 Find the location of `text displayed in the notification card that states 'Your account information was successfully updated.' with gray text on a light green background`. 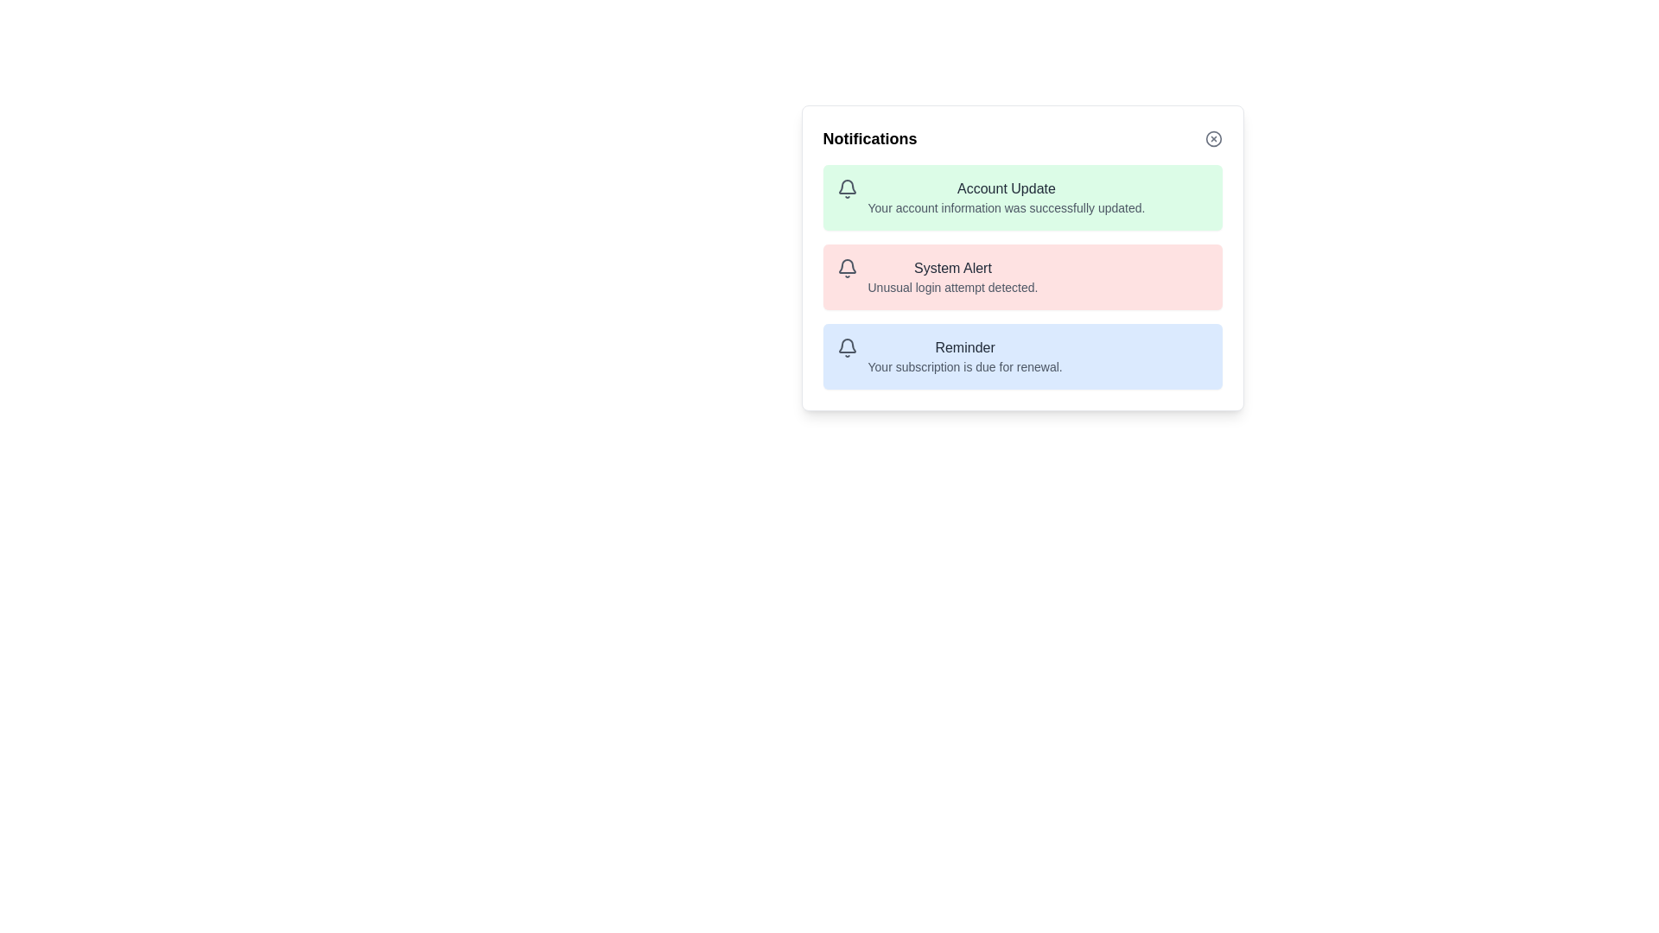

text displayed in the notification card that states 'Your account information was successfully updated.' with gray text on a light green background is located at coordinates (1006, 206).